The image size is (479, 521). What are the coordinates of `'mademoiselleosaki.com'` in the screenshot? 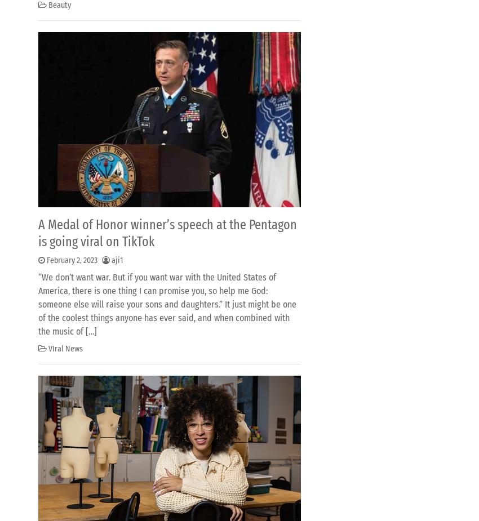 It's located at (156, 93).